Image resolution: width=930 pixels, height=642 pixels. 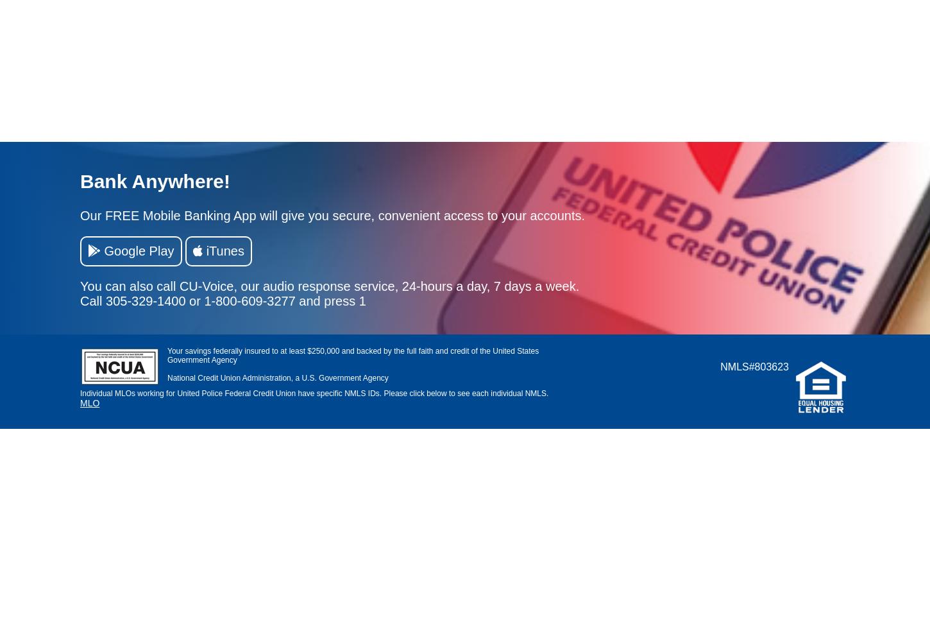 What do you see at coordinates (79, 214) in the screenshot?
I see `'Our FREE Mobile Banking App will give you secure, convenient access to your accounts.'` at bounding box center [79, 214].